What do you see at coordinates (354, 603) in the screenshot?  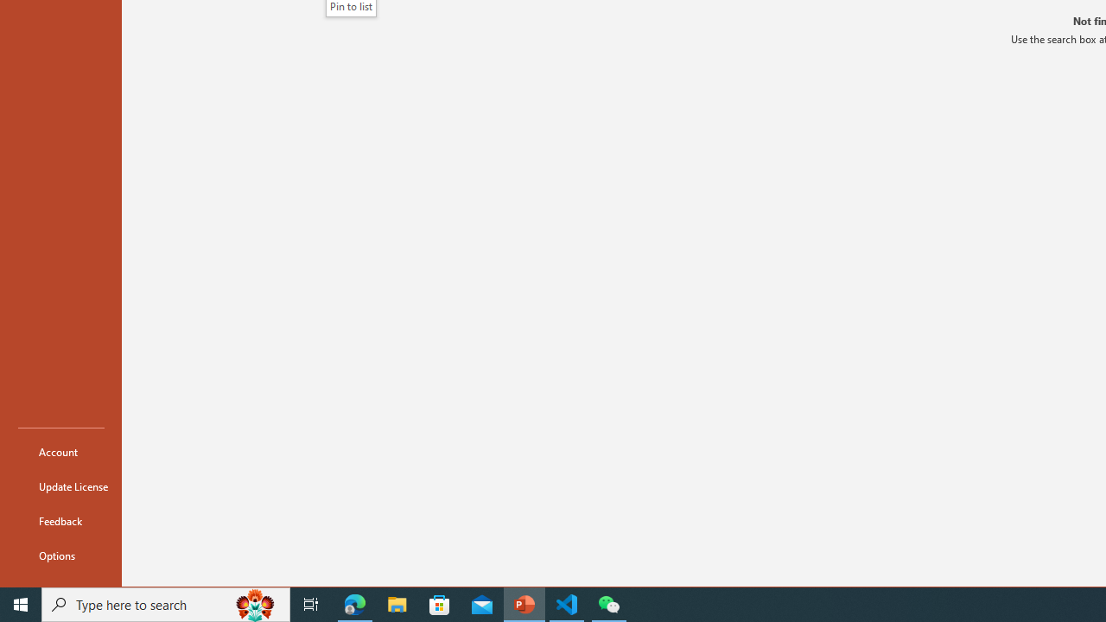 I see `'Microsoft Edge - 1 running window'` at bounding box center [354, 603].